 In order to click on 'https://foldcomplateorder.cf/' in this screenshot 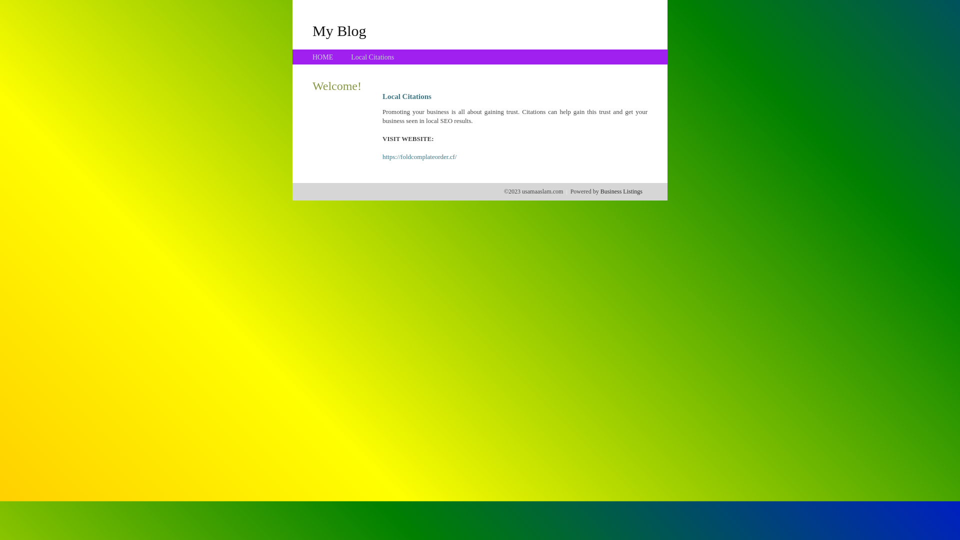, I will do `click(419, 156)`.